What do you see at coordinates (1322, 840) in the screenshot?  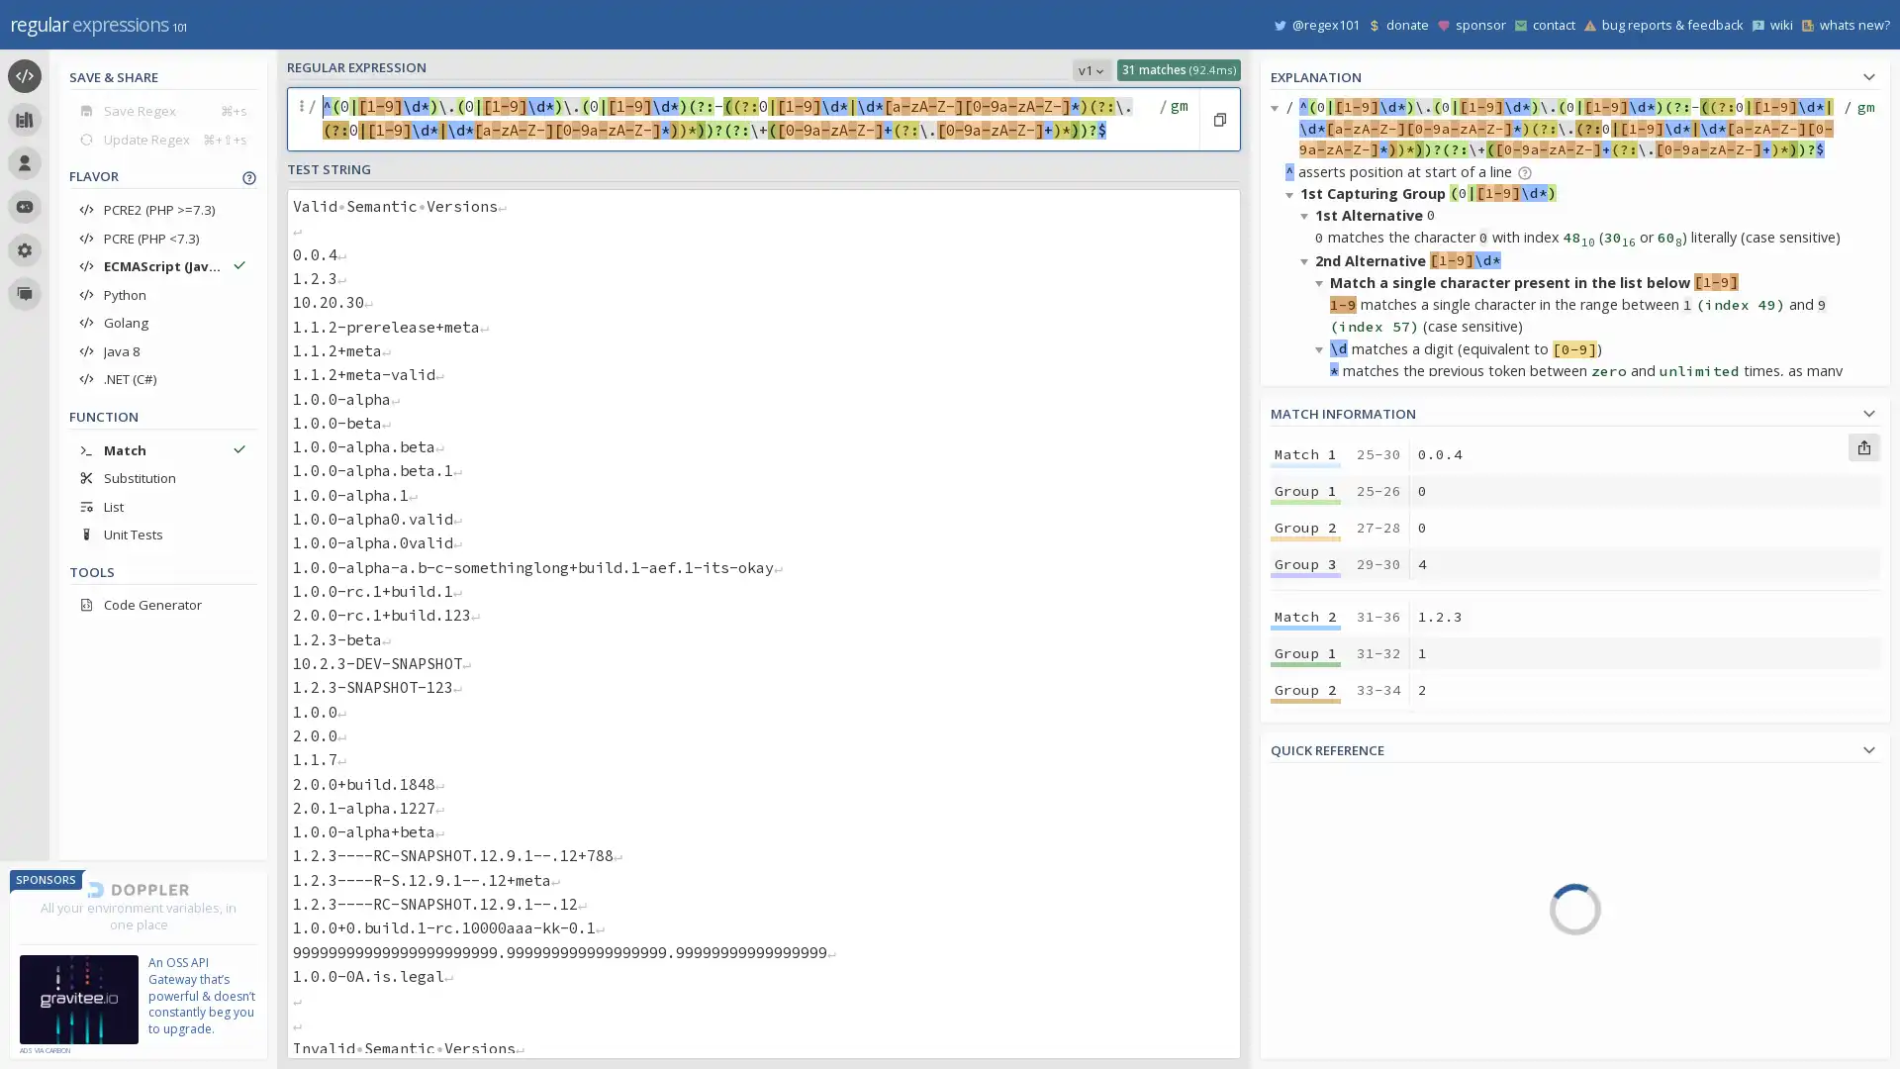 I see `Collapse Subtree` at bounding box center [1322, 840].